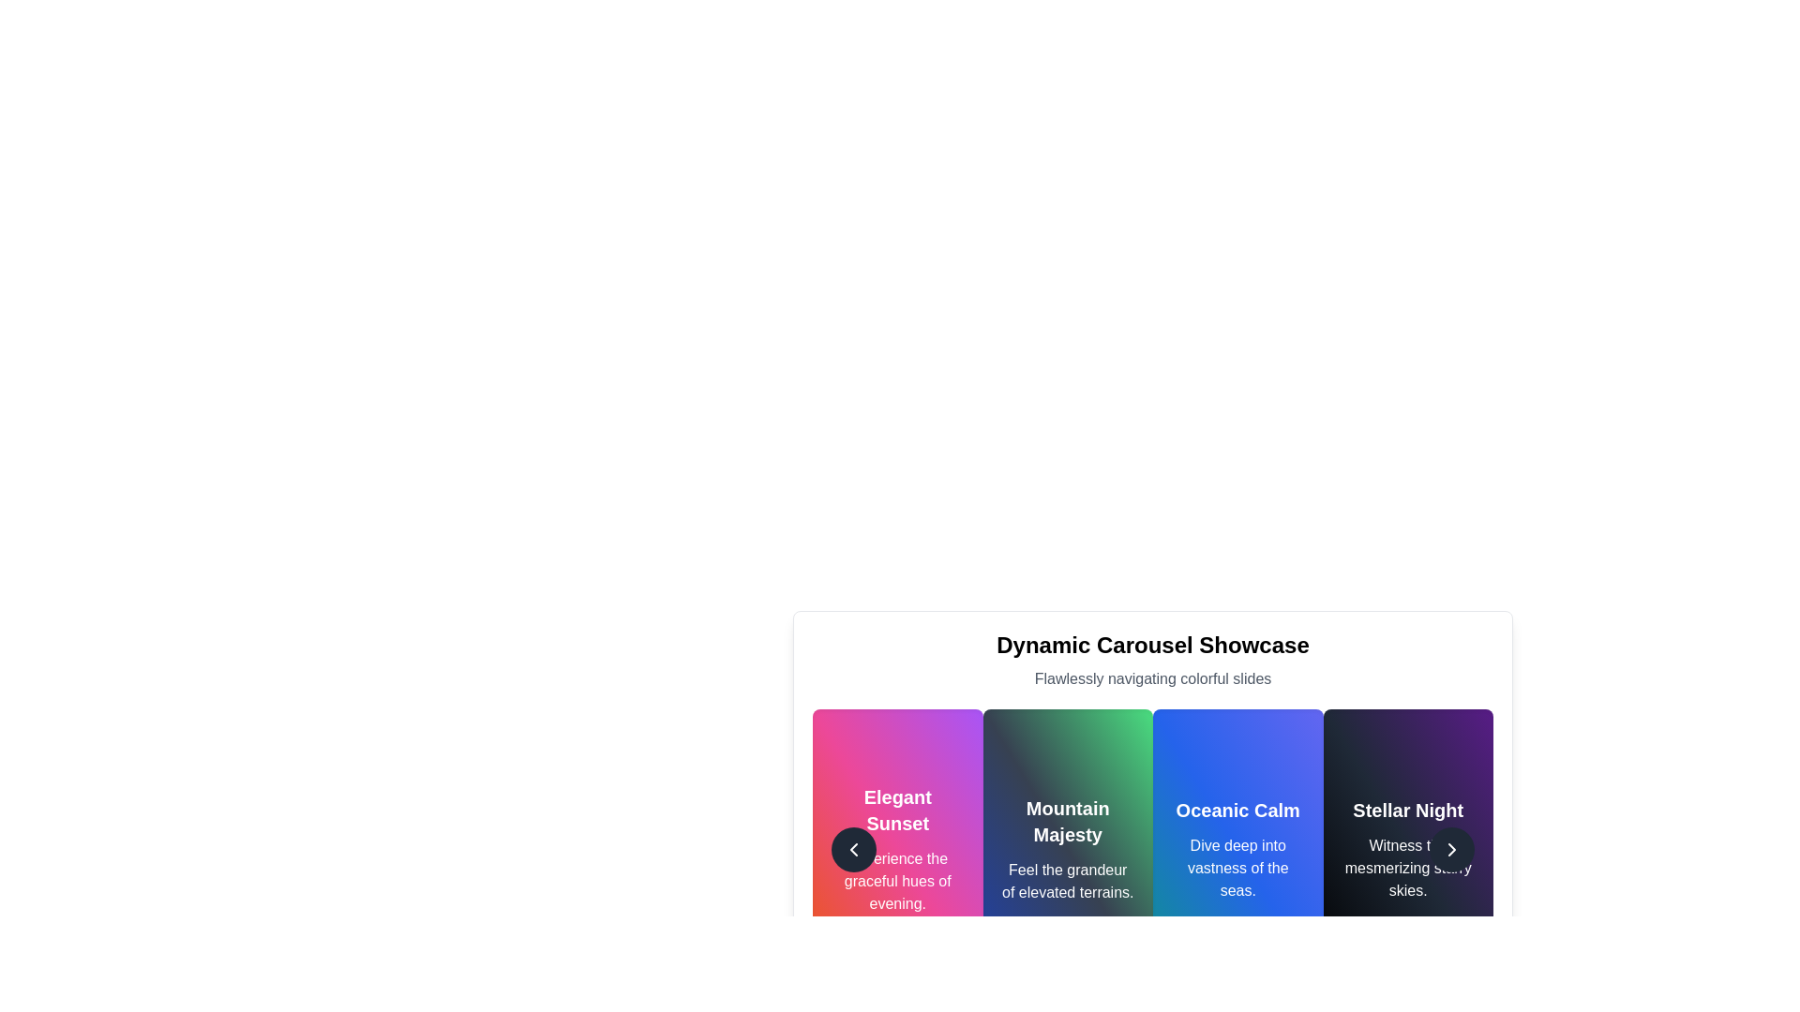 The image size is (1800, 1012). I want to click on the main carousel tiles in the 'Dynamic Carousel Showcase', so click(1151, 849).